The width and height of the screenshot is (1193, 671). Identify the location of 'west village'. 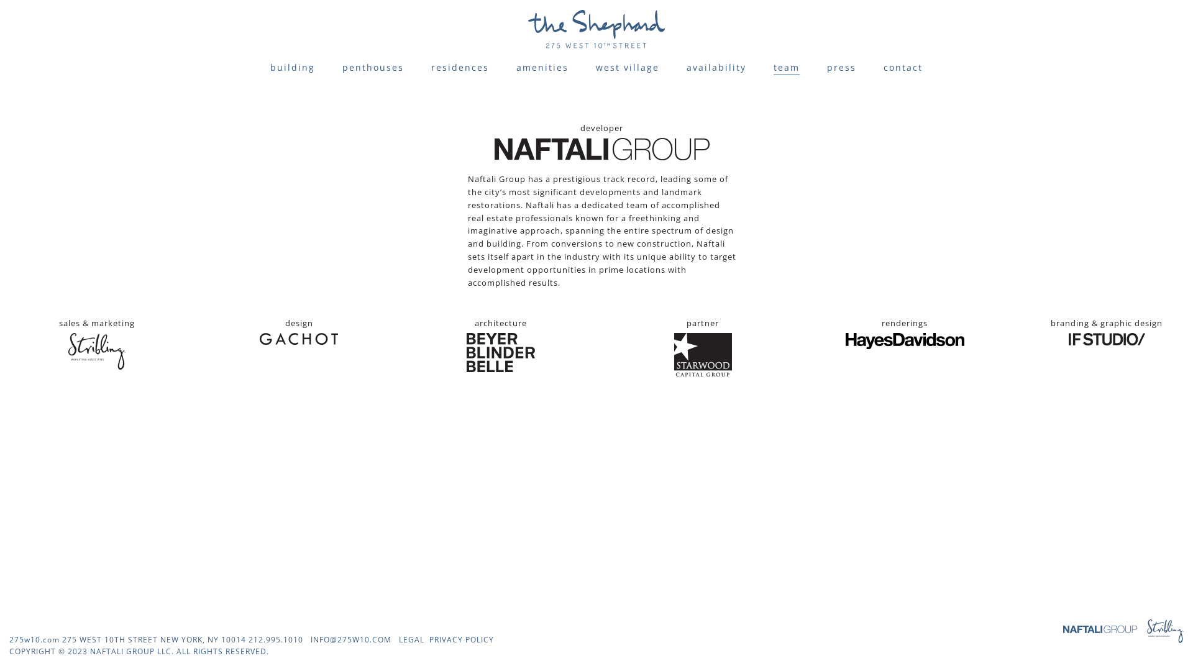
(627, 67).